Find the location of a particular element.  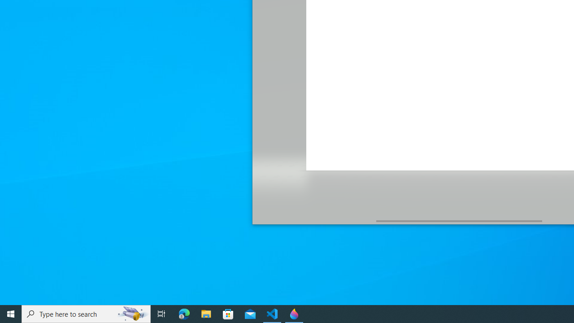

'Visual Studio Code - 1 running window' is located at coordinates (272, 313).